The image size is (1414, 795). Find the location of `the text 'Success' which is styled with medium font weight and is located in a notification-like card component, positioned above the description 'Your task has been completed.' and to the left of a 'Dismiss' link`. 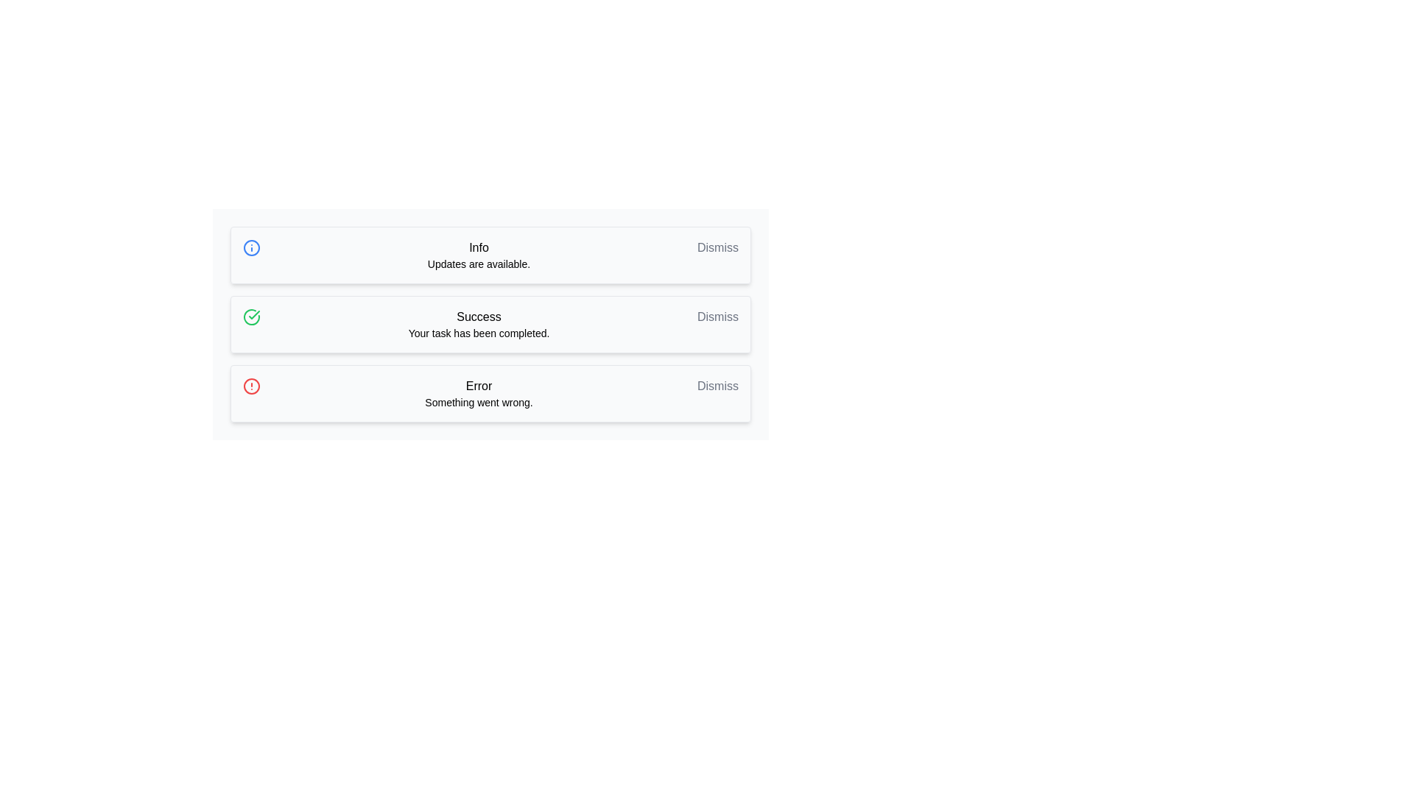

the text 'Success' which is styled with medium font weight and is located in a notification-like card component, positioned above the description 'Your task has been completed.' and to the left of a 'Dismiss' link is located at coordinates (479, 317).